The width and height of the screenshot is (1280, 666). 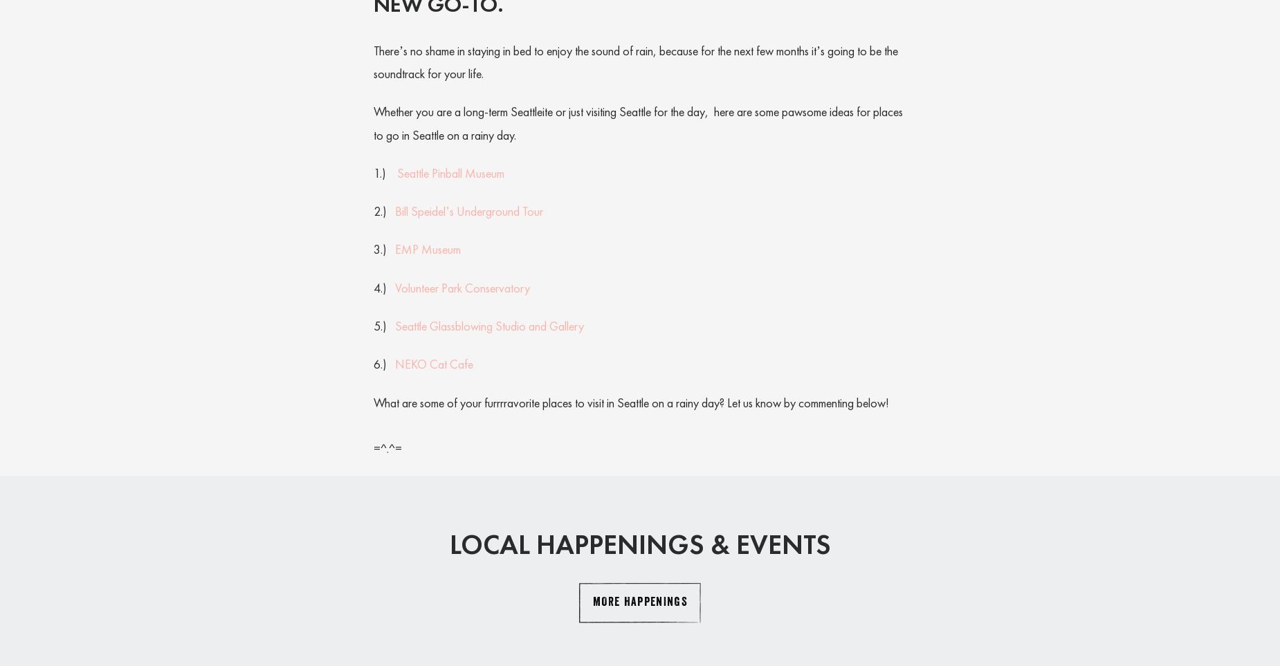 What do you see at coordinates (638, 122) in the screenshot?
I see `'Whether you are a long-term Seattleite or just visiting Seattle for the day,  here are some pawsome ideas for places to go in Seattle on a rainy day.'` at bounding box center [638, 122].